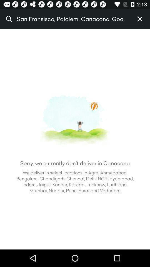  Describe the element at coordinates (73, 19) in the screenshot. I see `the item to the right of the %` at that location.